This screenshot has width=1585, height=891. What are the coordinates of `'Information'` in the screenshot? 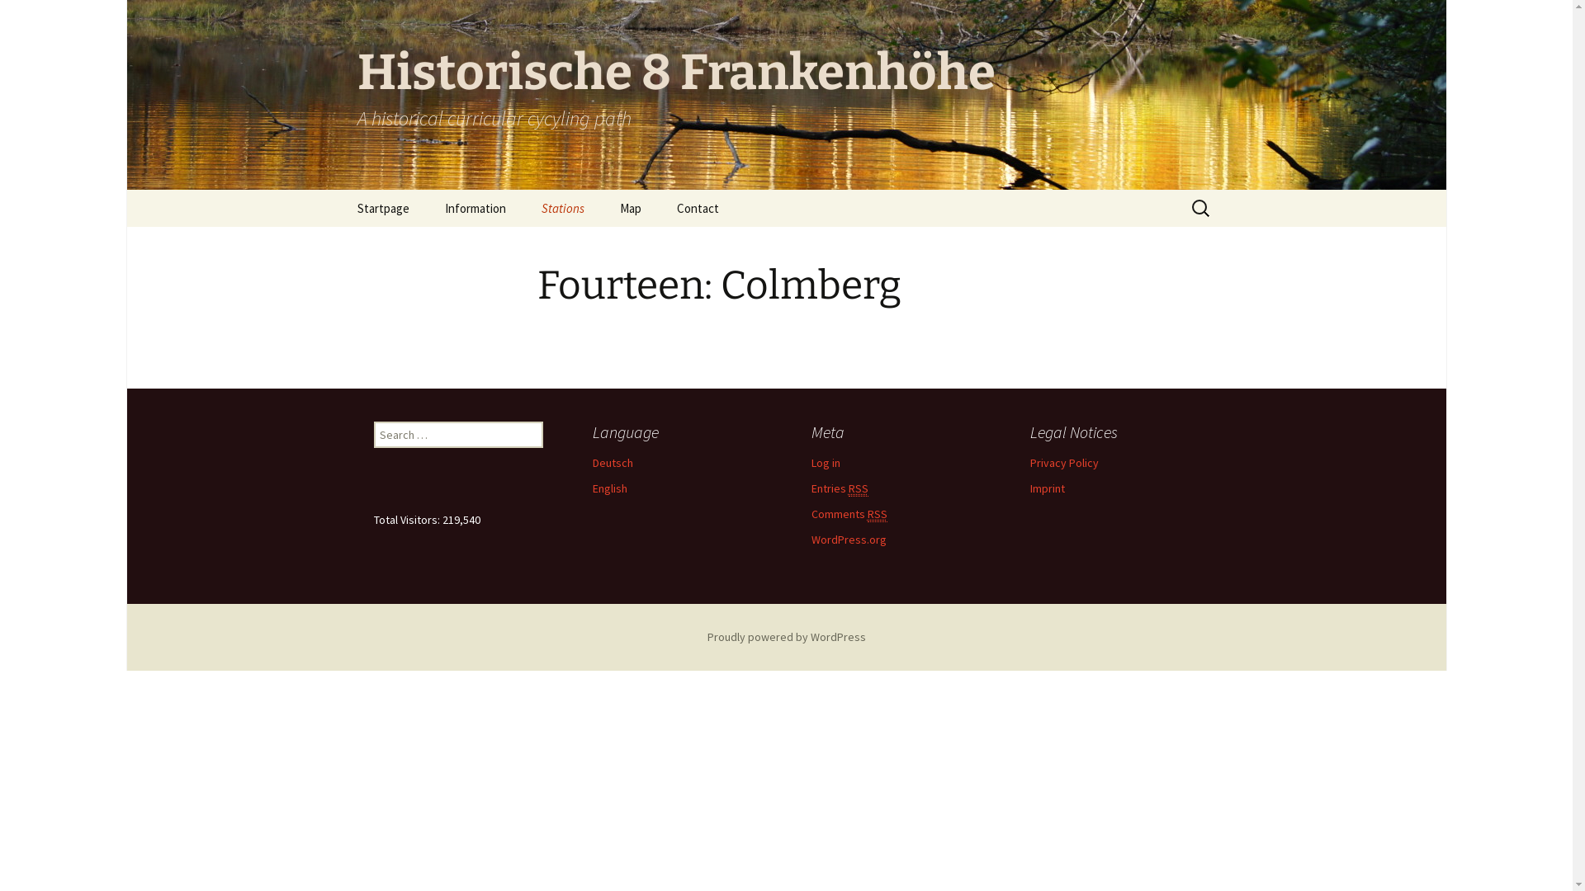 It's located at (474, 207).